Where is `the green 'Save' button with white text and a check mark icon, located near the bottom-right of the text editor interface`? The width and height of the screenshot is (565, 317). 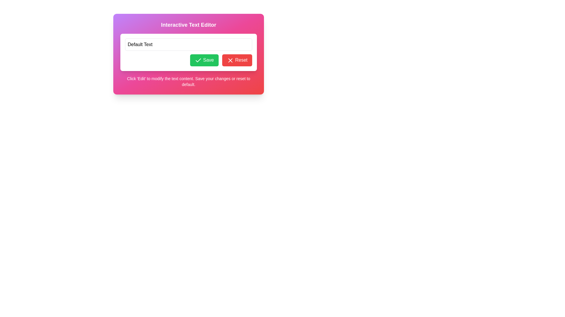
the green 'Save' button with white text and a check mark icon, located near the bottom-right of the text editor interface is located at coordinates (204, 60).